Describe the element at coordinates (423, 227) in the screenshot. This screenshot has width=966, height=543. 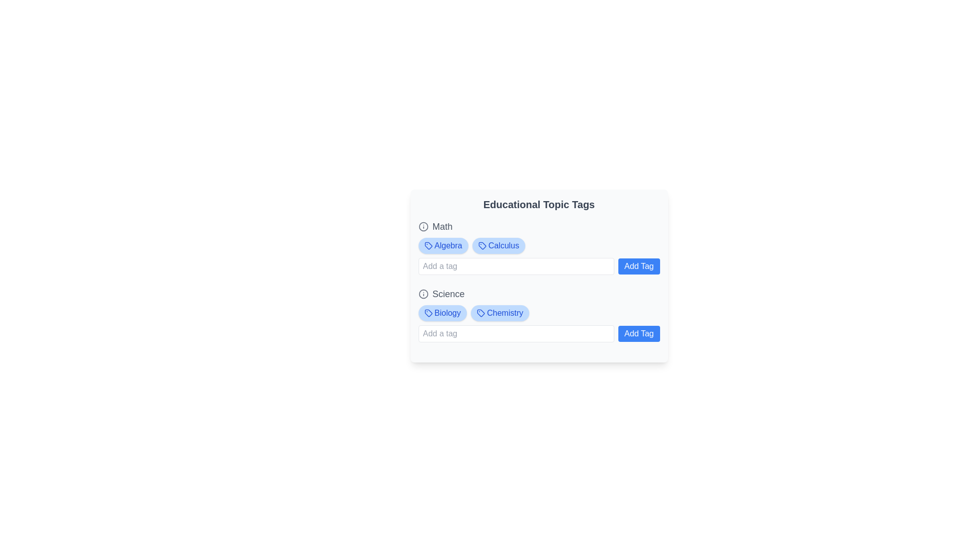
I see `the circular gray 'i' icon that indicates 'information', located to the left of the 'Math' label` at that location.